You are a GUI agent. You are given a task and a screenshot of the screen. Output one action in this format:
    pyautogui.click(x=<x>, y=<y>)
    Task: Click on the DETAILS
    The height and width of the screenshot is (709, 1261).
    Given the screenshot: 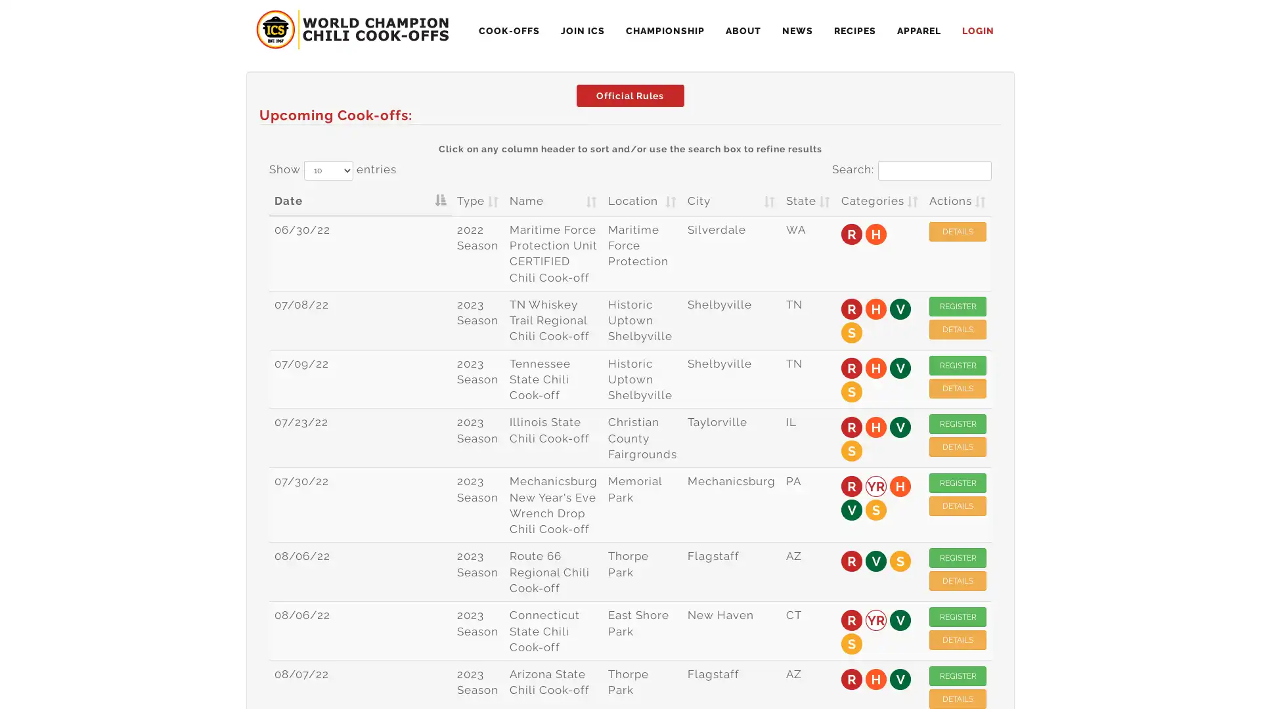 What is the action you would take?
    pyautogui.click(x=958, y=446)
    